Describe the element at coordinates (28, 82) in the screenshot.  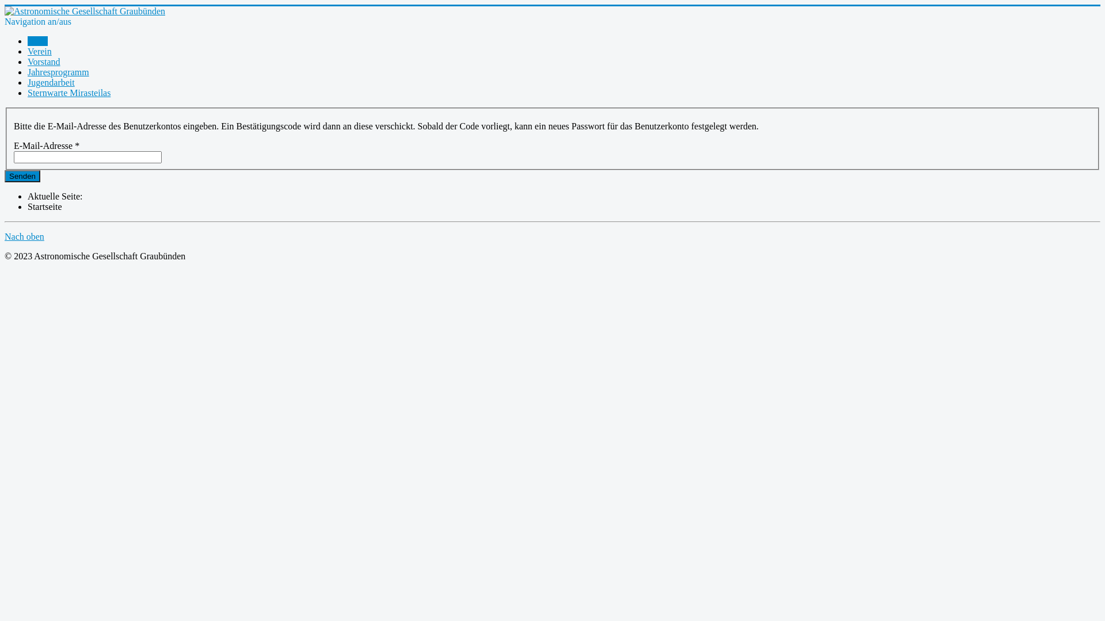
I see `'Jugendarbeit'` at that location.